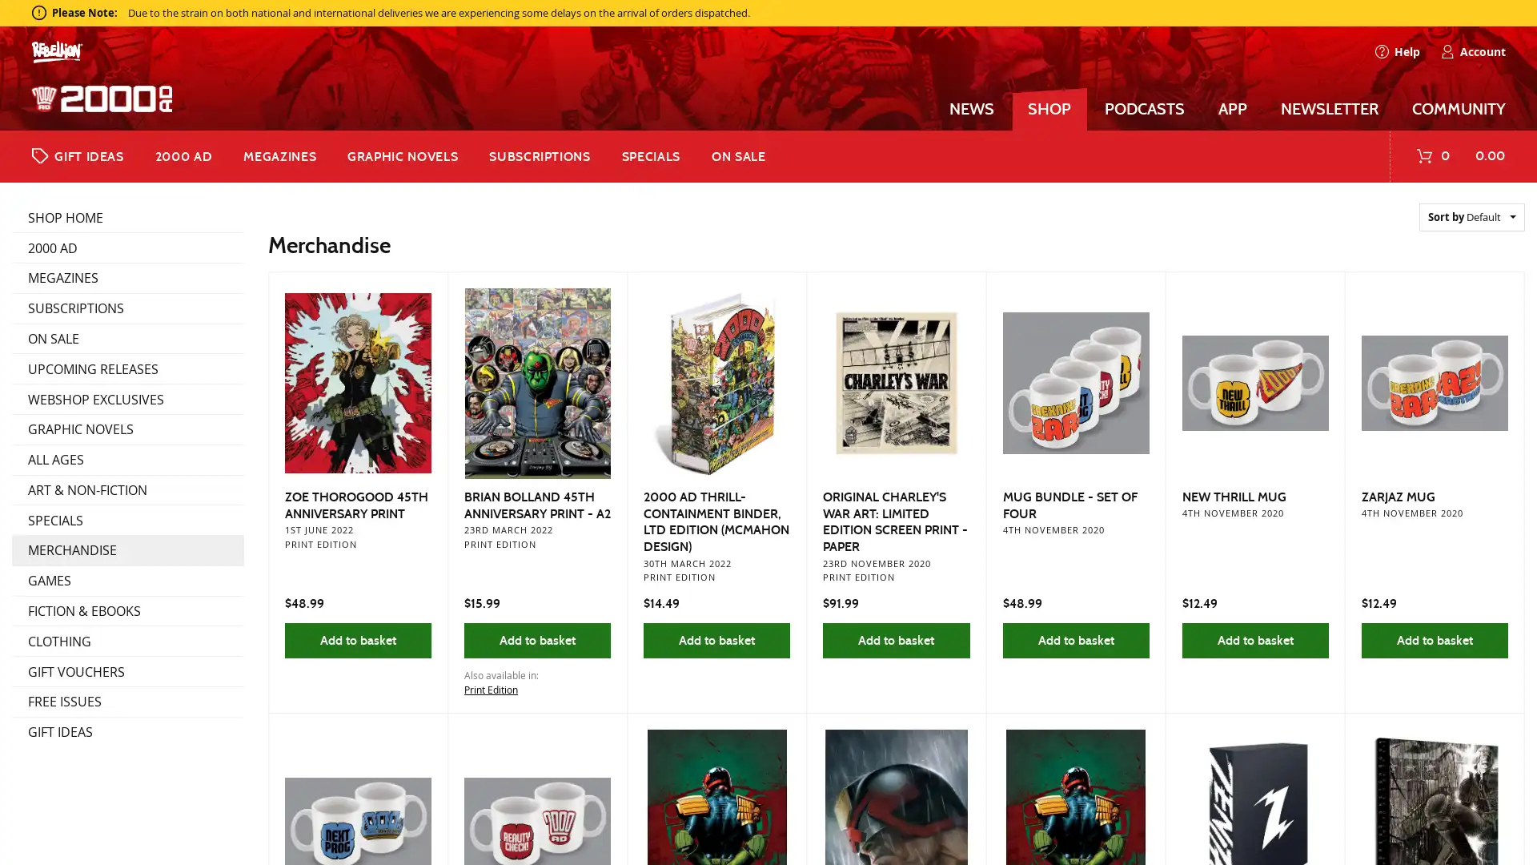 This screenshot has height=865, width=1537. I want to click on Add to basket, so click(716, 639).